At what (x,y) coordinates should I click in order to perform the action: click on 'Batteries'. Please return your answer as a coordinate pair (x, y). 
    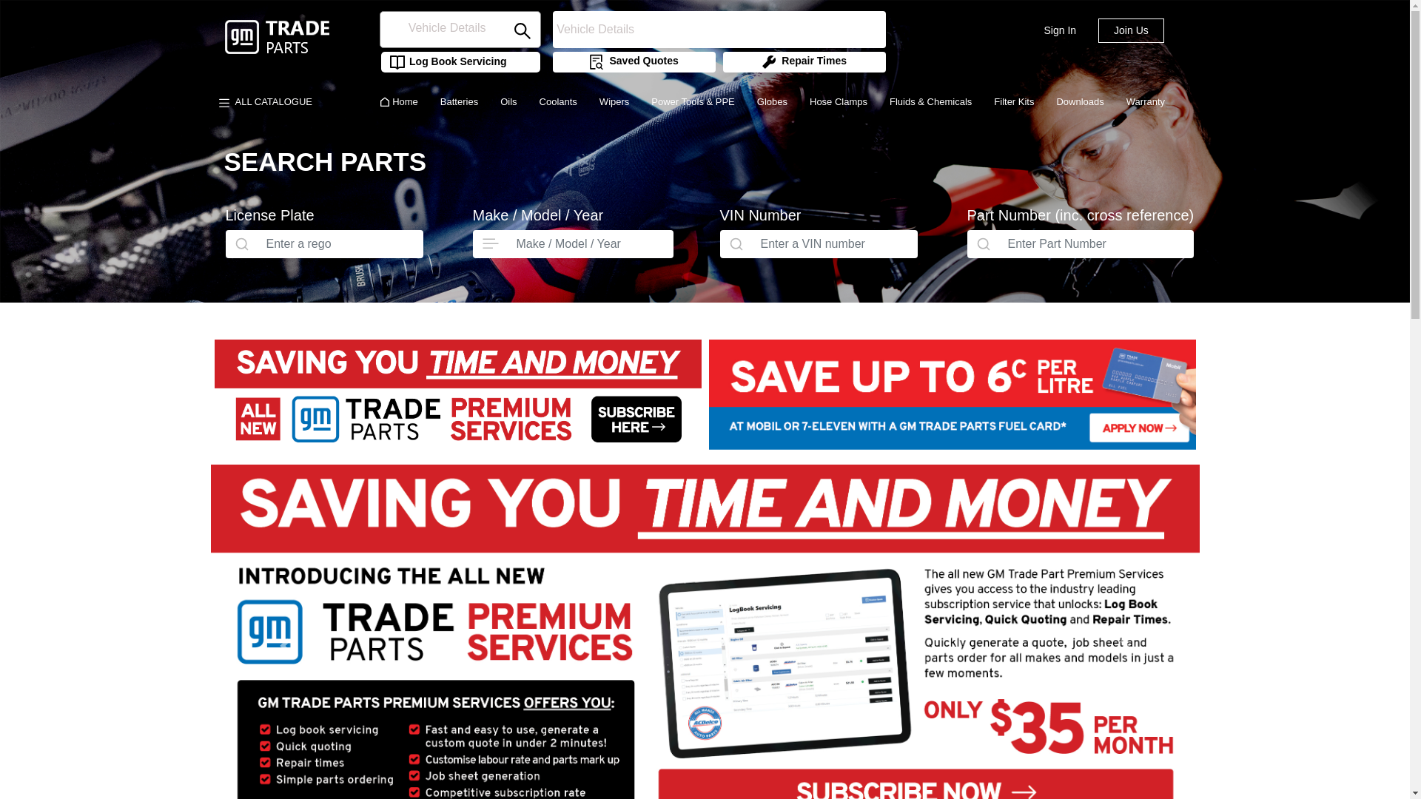
    Looking at the image, I should click on (429, 101).